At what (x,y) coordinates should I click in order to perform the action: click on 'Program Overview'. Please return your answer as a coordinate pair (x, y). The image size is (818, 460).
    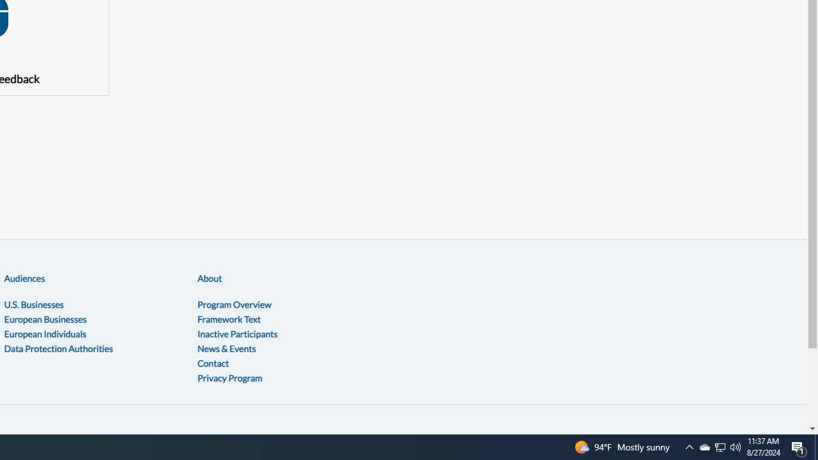
    Looking at the image, I should click on (234, 304).